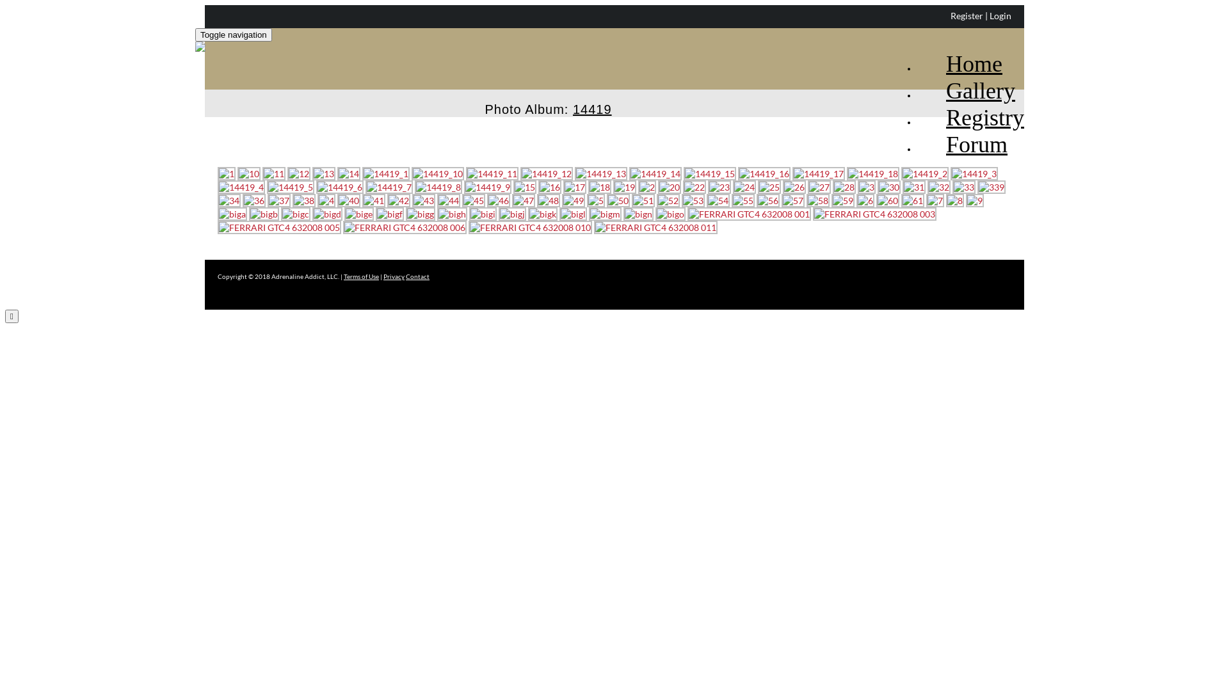 The width and height of the screenshot is (1229, 691). I want to click on '14419_17 (click to enlarge)', so click(817, 173).